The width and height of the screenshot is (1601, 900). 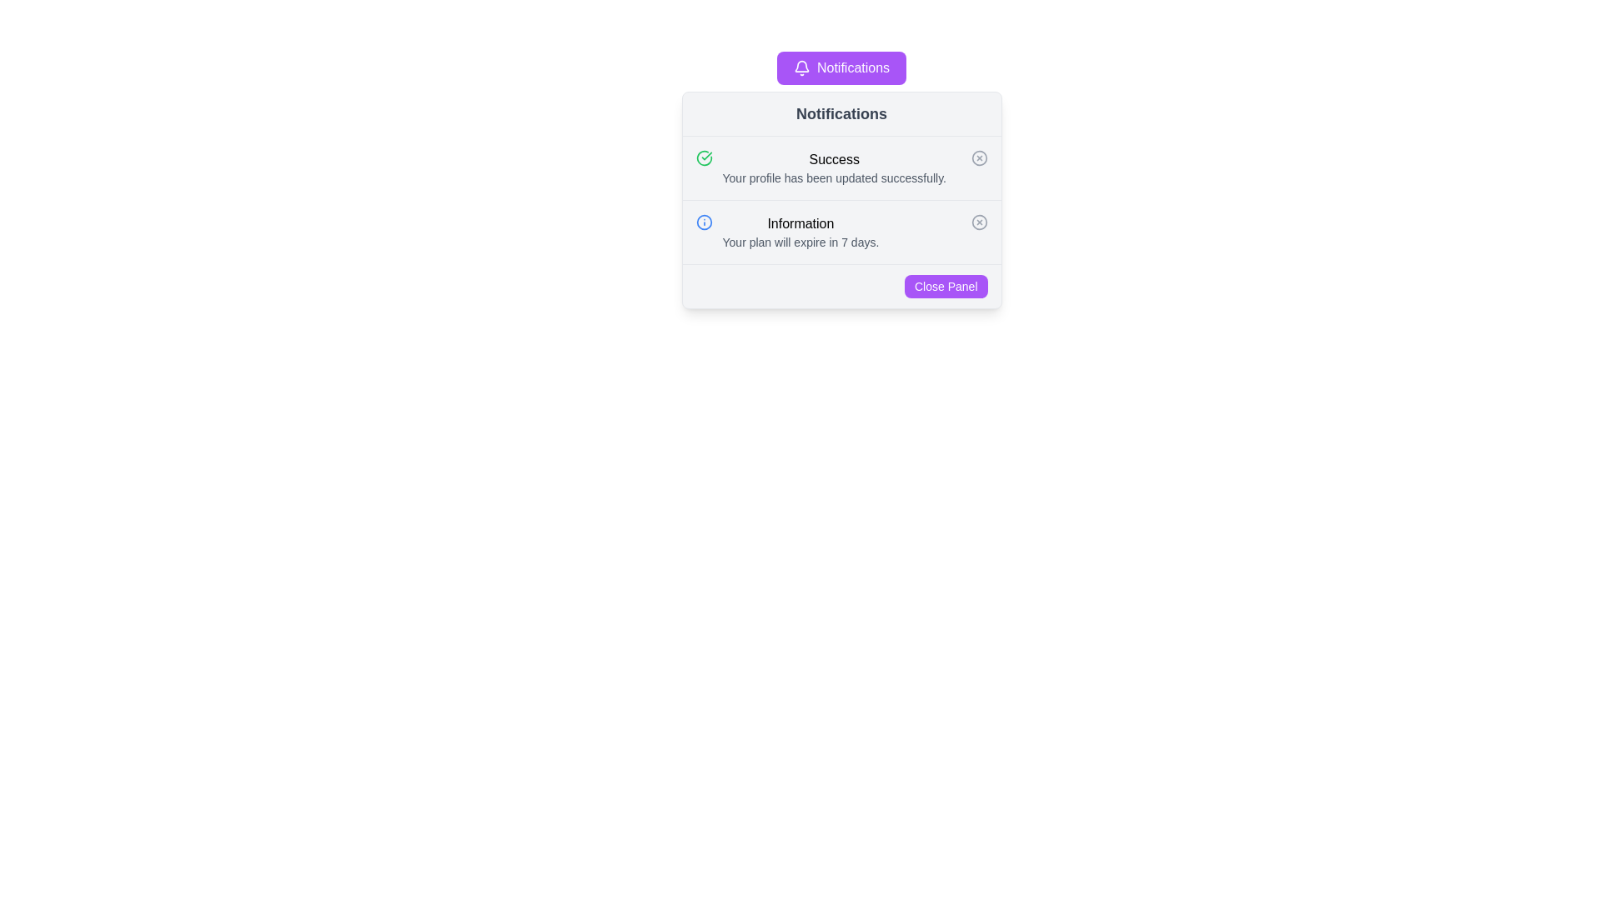 I want to click on text content of the notification title label located within the notifications panel, which summarizes the key point of information regarding the user's plan expiration, so click(x=800, y=223).